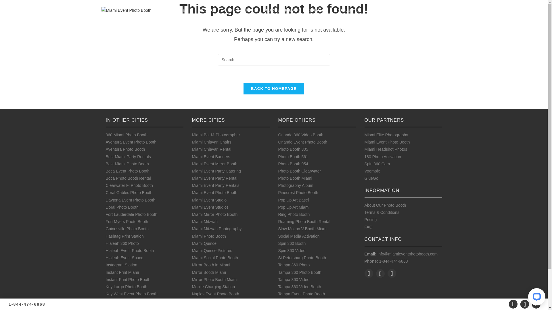 This screenshot has height=310, width=552. What do you see at coordinates (192, 142) in the screenshot?
I see `'Miami Chiavari Chairs'` at bounding box center [192, 142].